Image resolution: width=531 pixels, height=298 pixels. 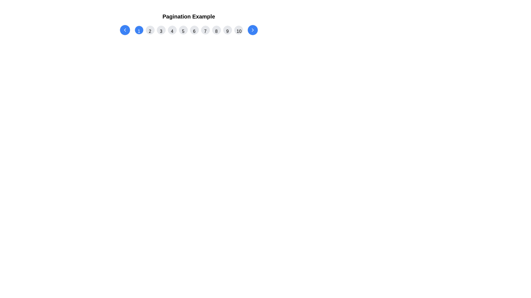 What do you see at coordinates (252, 30) in the screenshot?
I see `the right-pointing chevron-shaped arrow icon located inside a circular button with a blue background` at bounding box center [252, 30].